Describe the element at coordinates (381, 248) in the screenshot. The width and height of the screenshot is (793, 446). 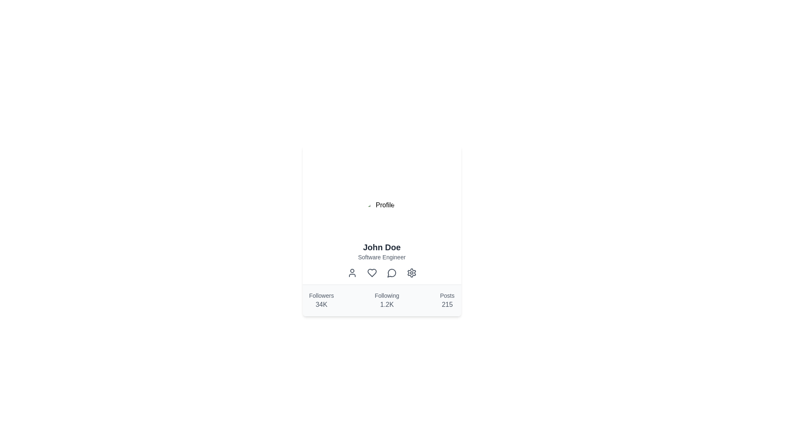
I see `the text display element that shows 'John Doe' and 'Software Engineer' in a user profile section` at that location.